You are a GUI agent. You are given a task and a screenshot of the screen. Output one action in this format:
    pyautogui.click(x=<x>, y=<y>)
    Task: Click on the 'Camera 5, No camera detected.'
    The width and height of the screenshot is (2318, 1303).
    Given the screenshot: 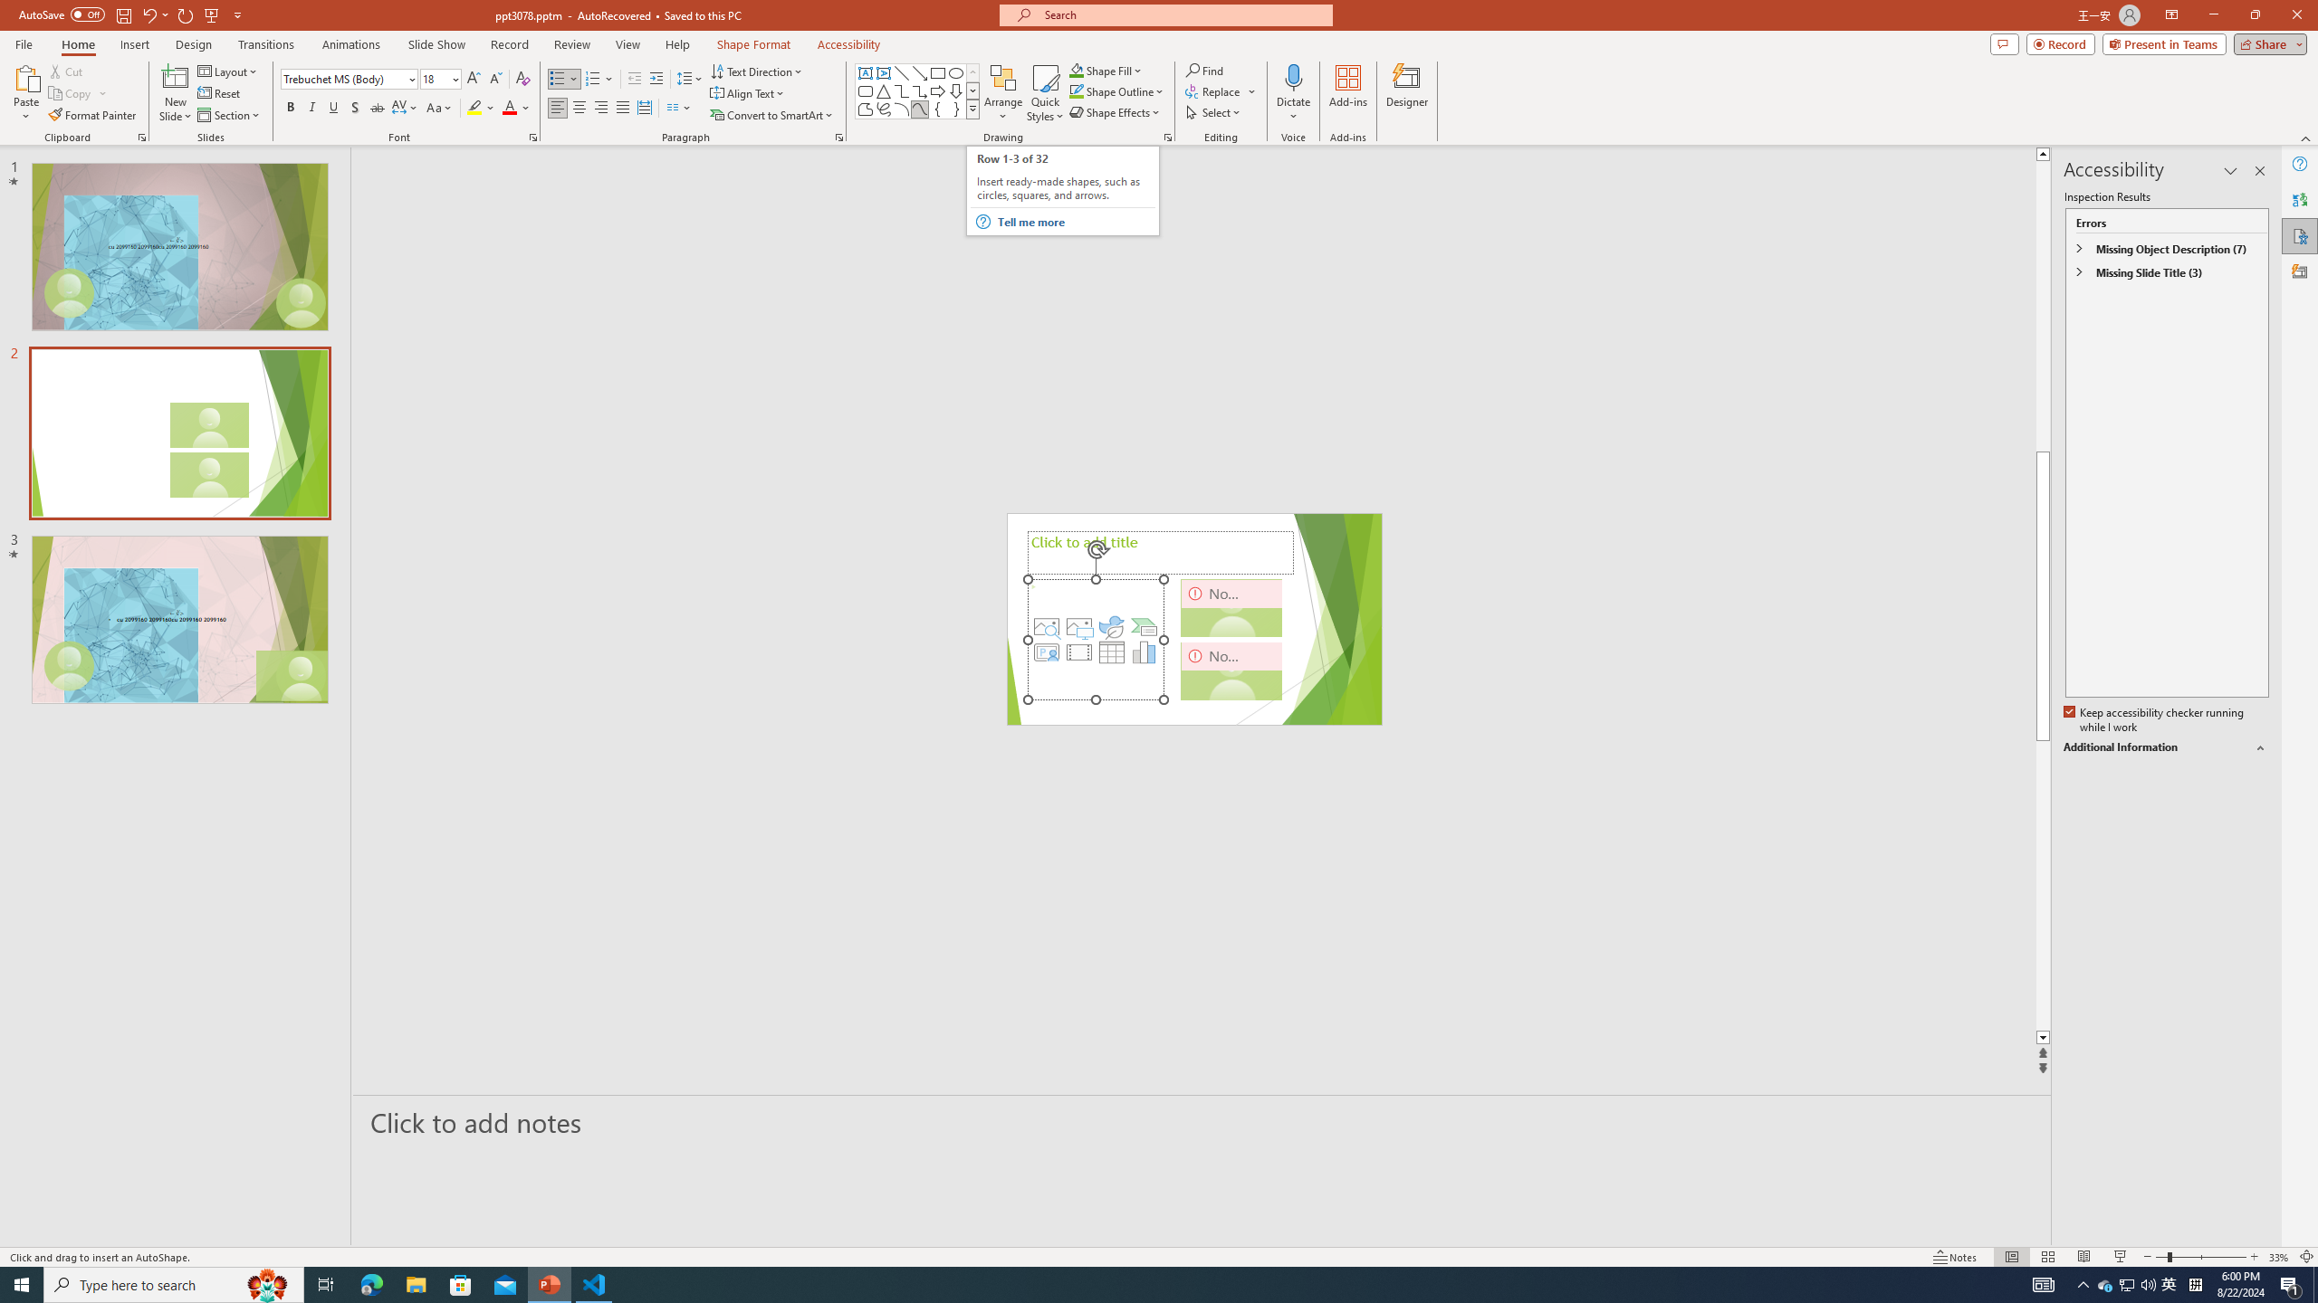 What is the action you would take?
    pyautogui.click(x=1231, y=607)
    